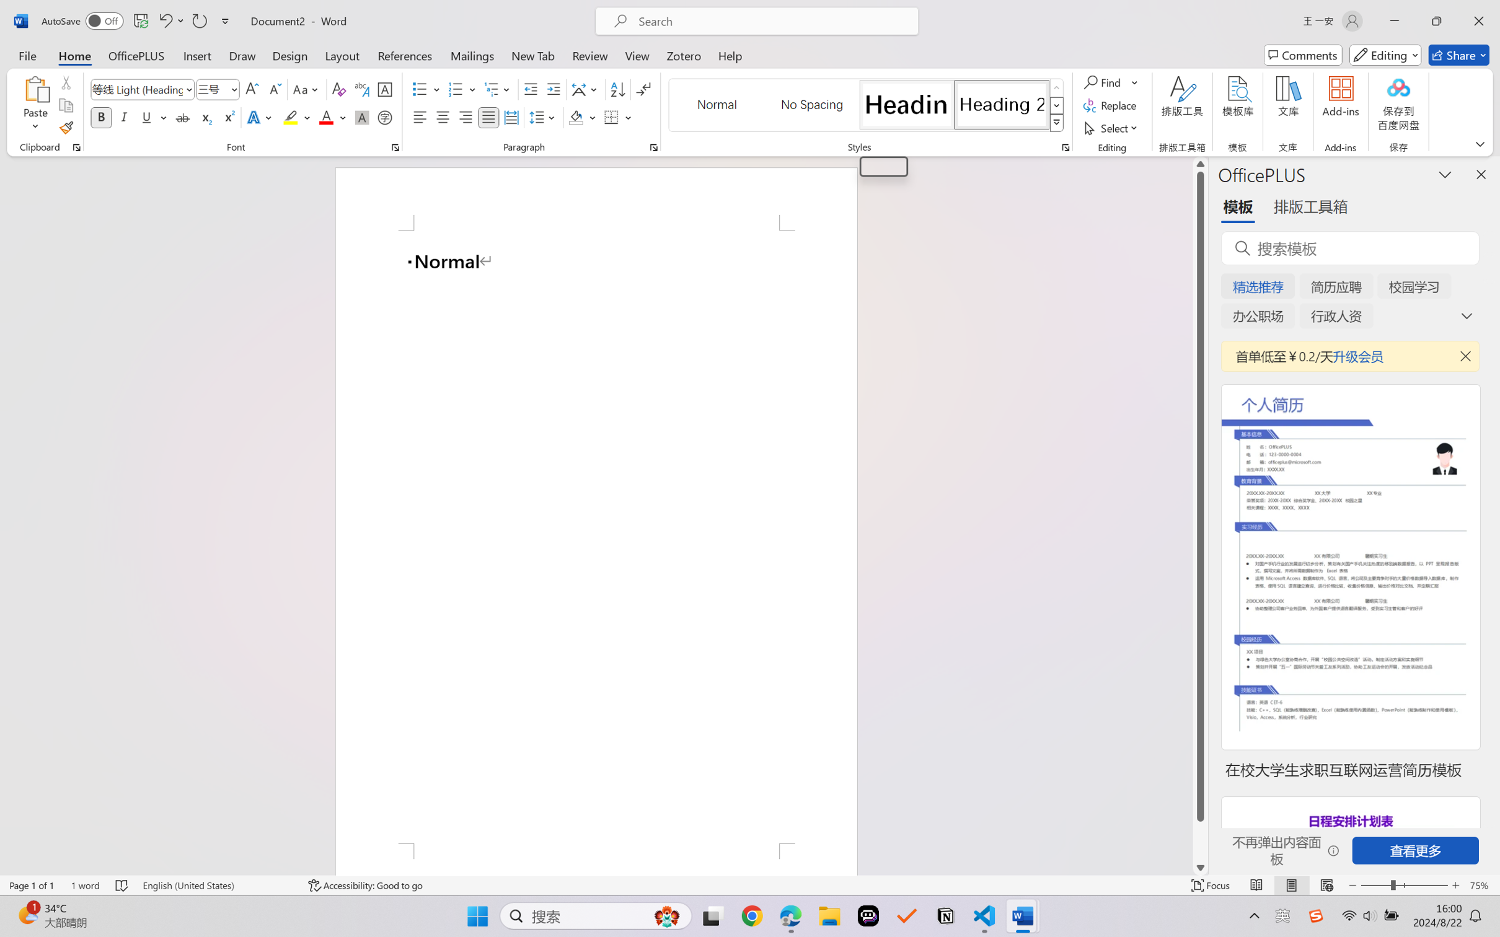 This screenshot has width=1500, height=937. What do you see at coordinates (1385, 55) in the screenshot?
I see `'Mode'` at bounding box center [1385, 55].